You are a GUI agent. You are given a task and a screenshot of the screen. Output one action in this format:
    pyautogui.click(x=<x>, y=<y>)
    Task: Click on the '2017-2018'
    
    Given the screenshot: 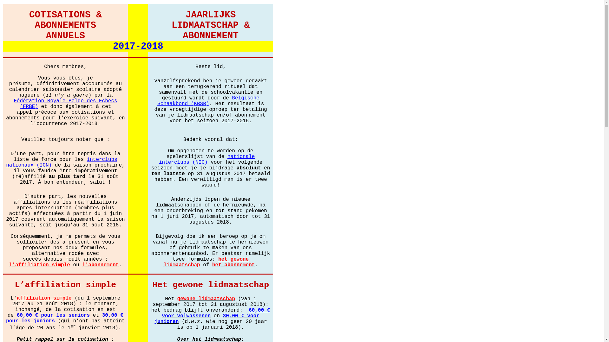 What is the action you would take?
    pyautogui.click(x=113, y=47)
    